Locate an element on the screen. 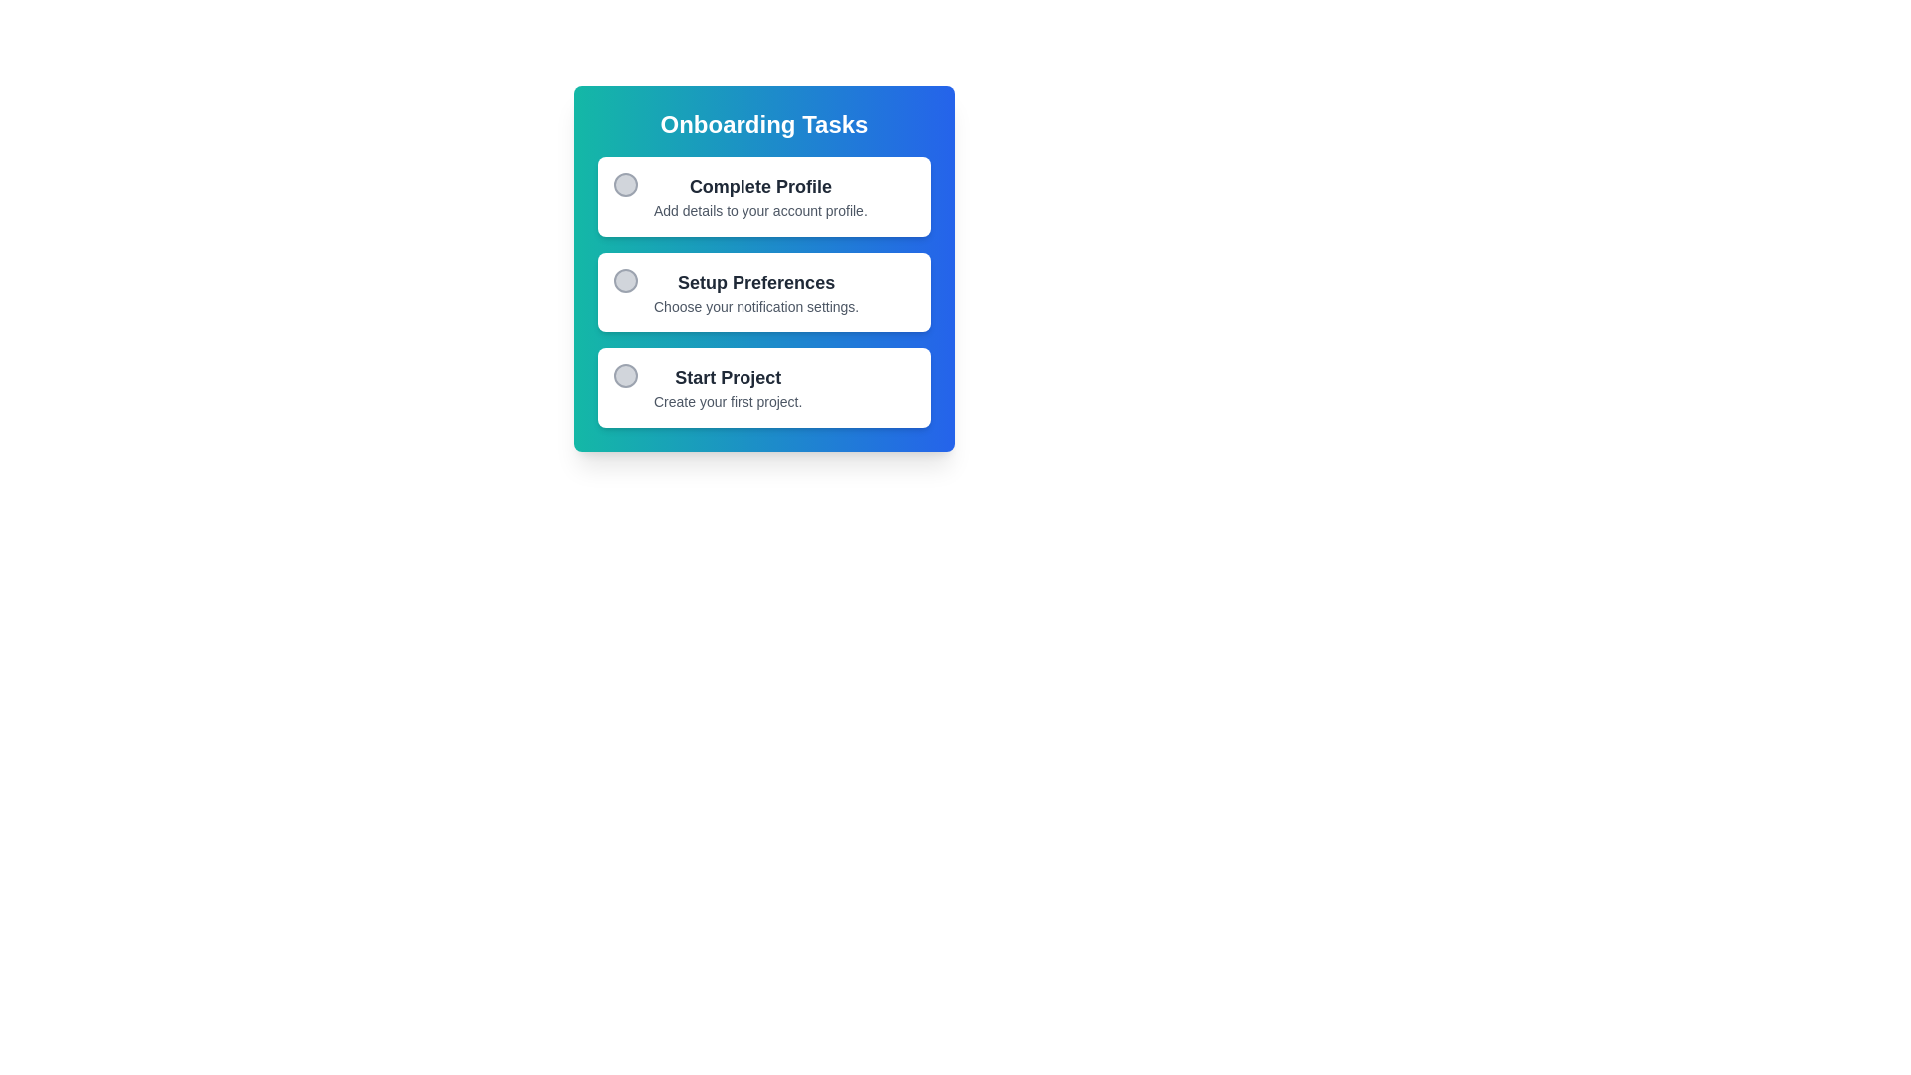 The height and width of the screenshot is (1075, 1911). the 'Setup Preferences' card, which is the second card in a vertical stack of three is located at coordinates (763, 292).